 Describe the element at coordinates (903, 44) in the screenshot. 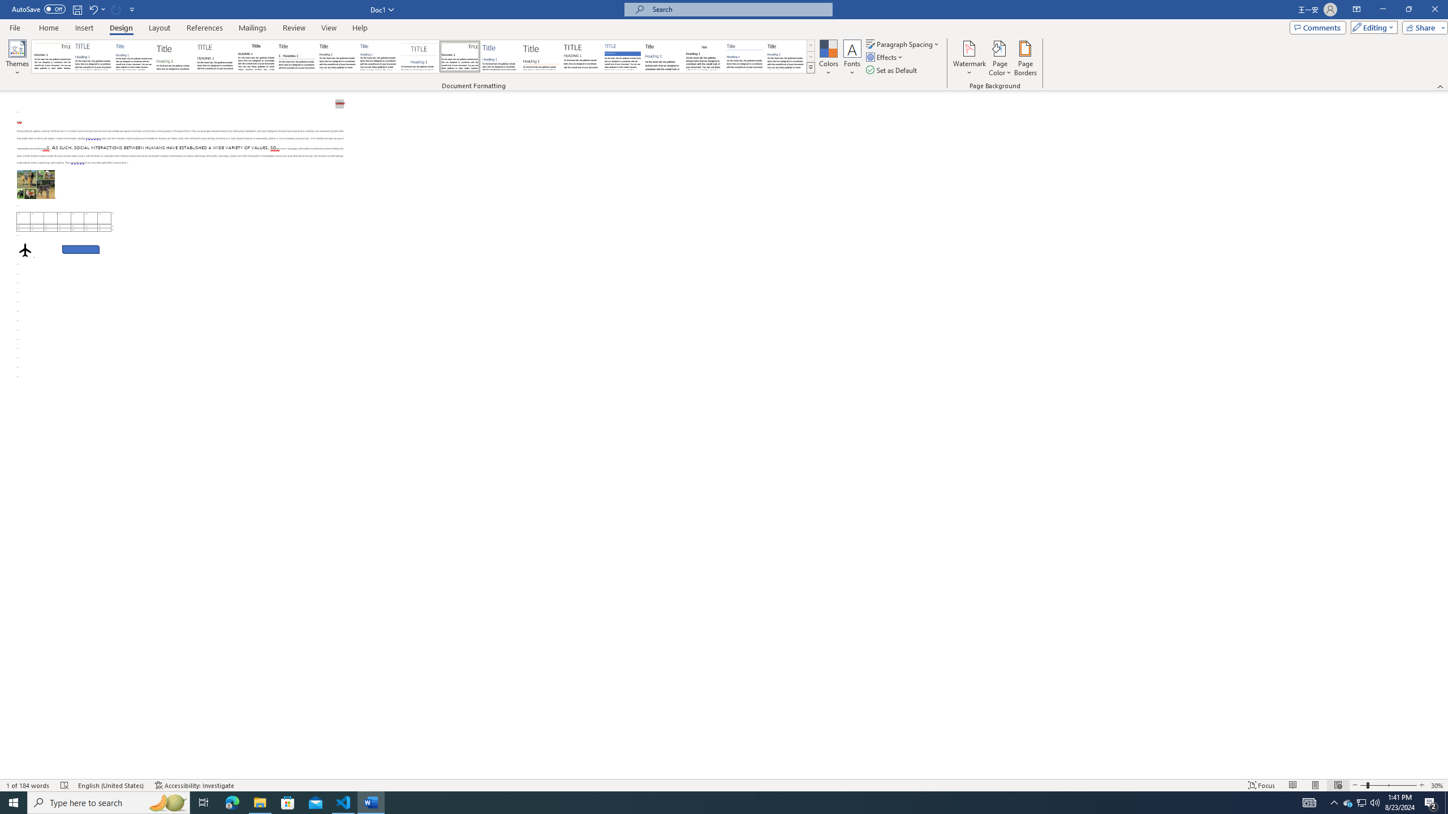

I see `'Paragraph Spacing'` at that location.